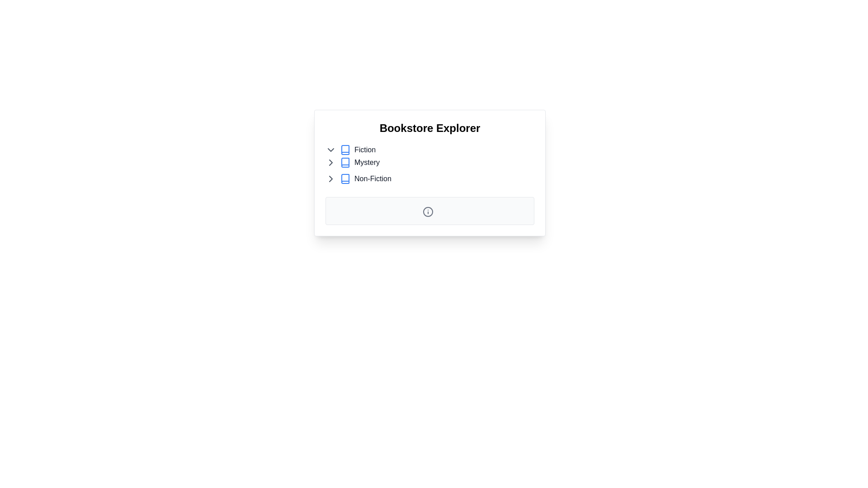  I want to click on the 'Mystery' text label, which is displayed in dark gray with medium font weight, so click(367, 162).